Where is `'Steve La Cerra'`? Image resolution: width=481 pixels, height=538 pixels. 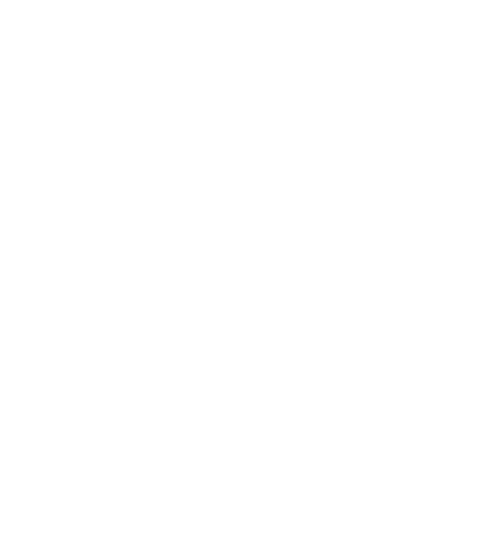
'Steve La Cerra' is located at coordinates (154, 164).